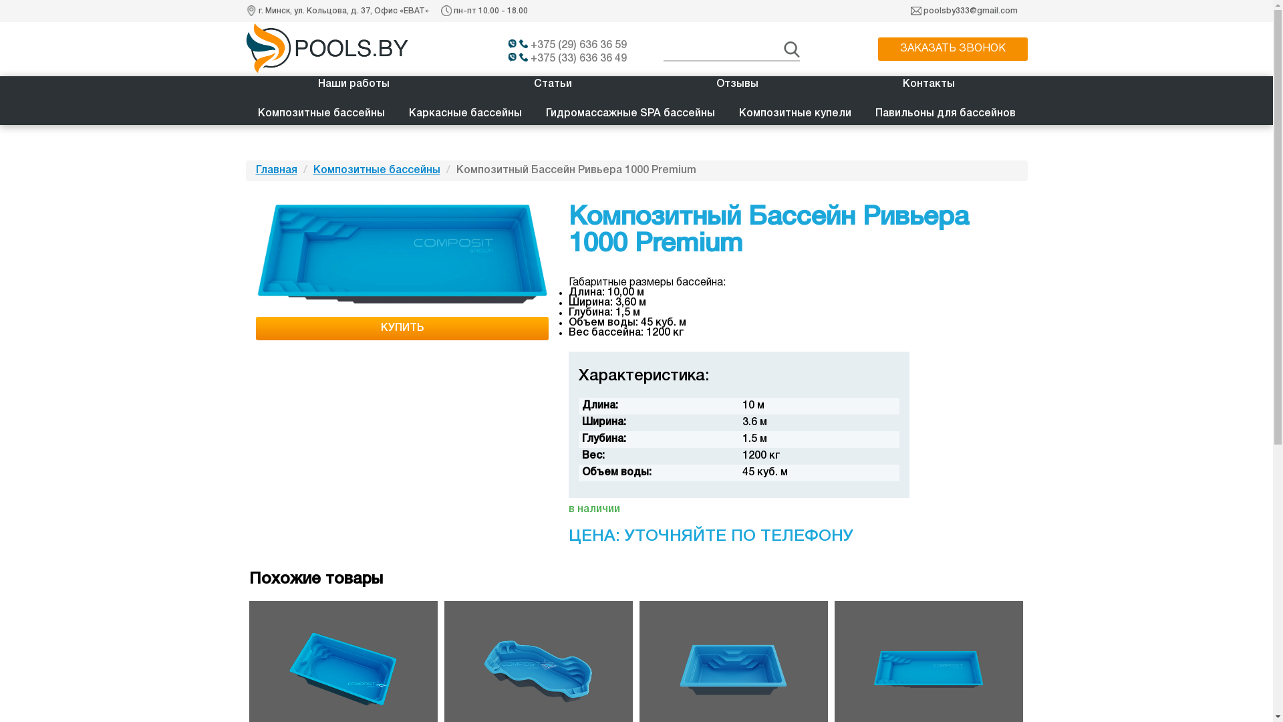 This screenshot has width=1283, height=722. I want to click on '+375 (29) 636 36 59', so click(572, 45).